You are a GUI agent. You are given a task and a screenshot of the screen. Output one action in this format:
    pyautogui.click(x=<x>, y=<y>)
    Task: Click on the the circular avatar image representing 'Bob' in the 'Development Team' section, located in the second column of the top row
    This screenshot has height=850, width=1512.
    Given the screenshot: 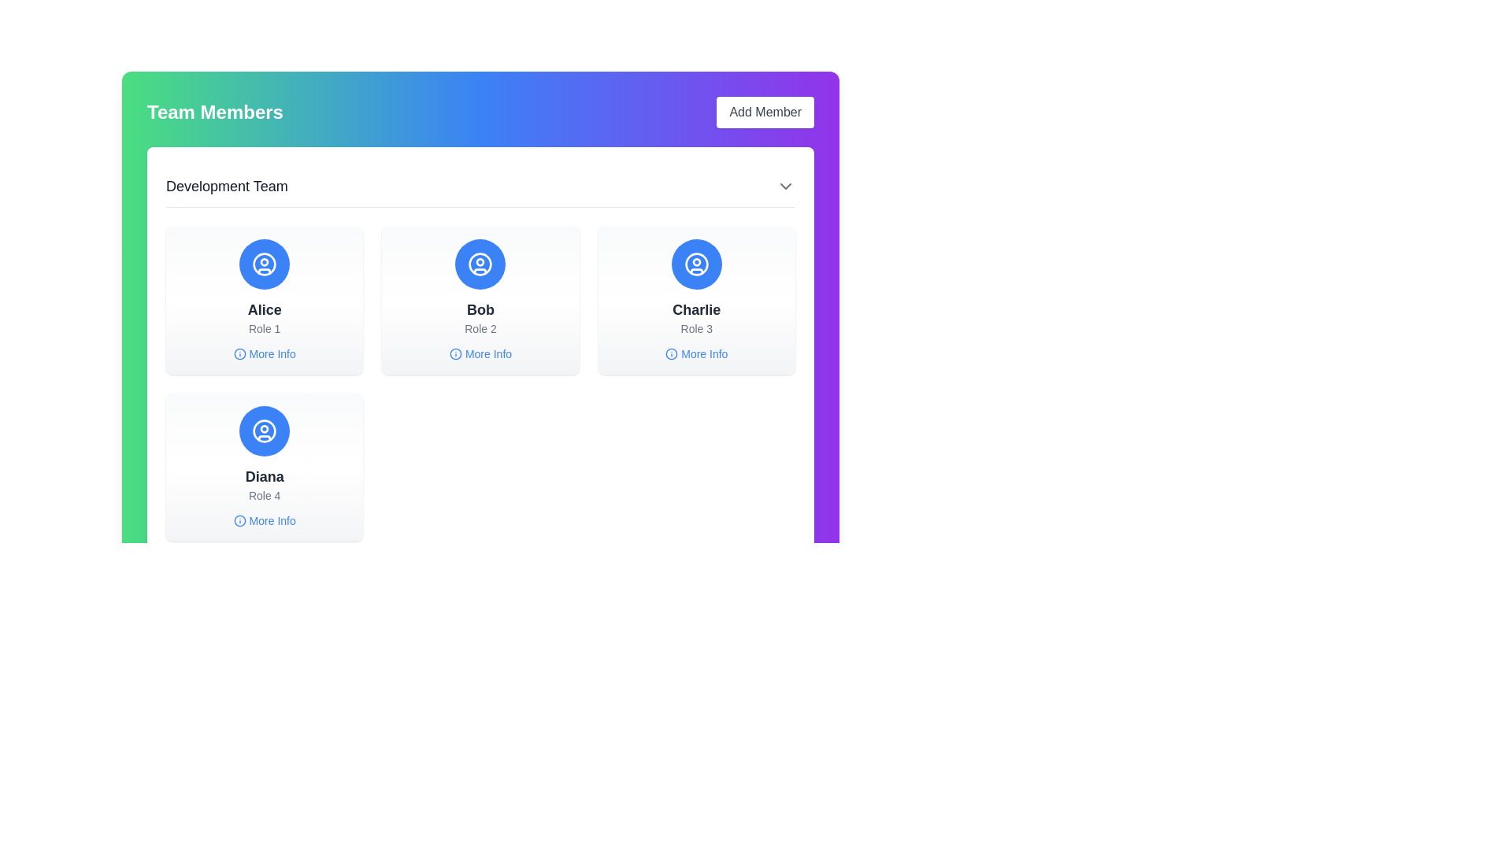 What is the action you would take?
    pyautogui.click(x=480, y=263)
    